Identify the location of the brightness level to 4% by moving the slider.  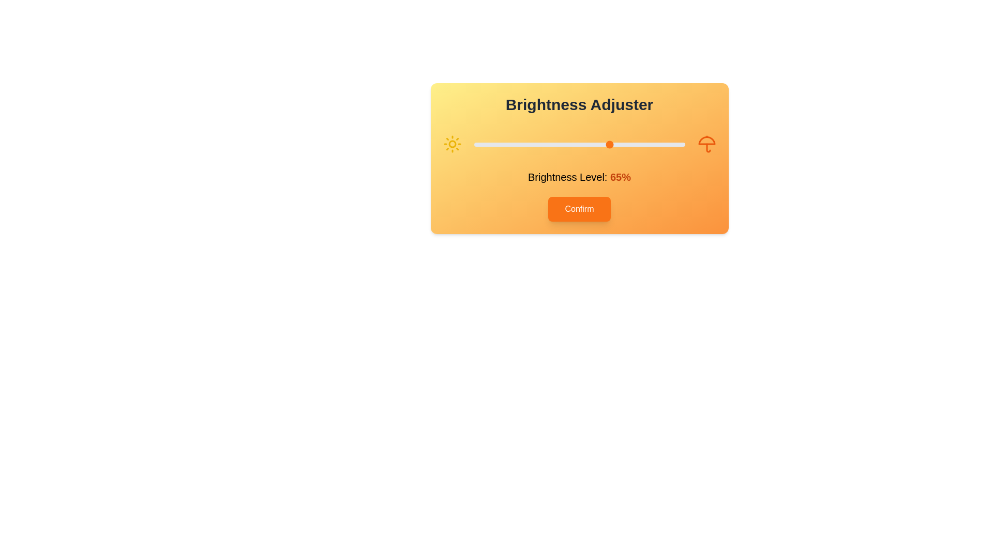
(482, 145).